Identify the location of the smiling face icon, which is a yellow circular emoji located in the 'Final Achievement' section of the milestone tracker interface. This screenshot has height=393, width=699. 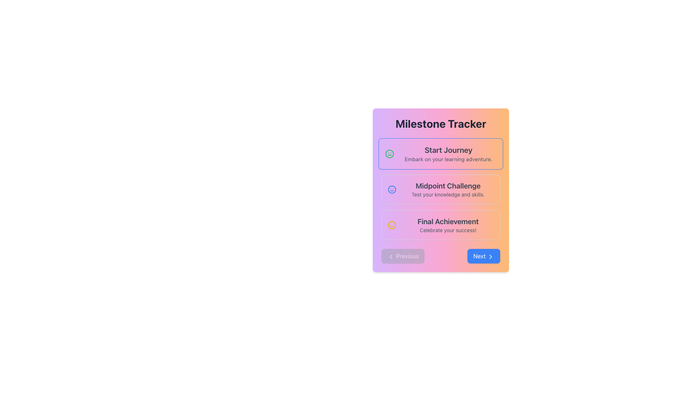
(391, 225).